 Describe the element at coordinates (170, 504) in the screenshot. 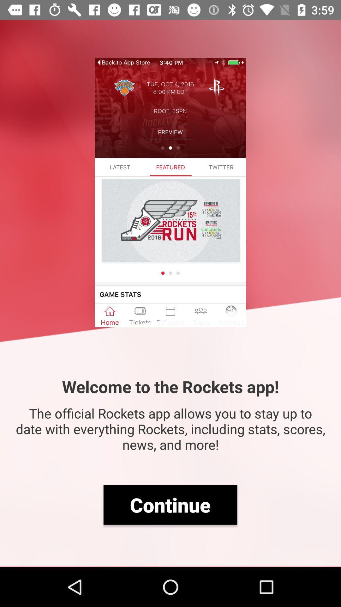

I see `item below the official rockets item` at that location.